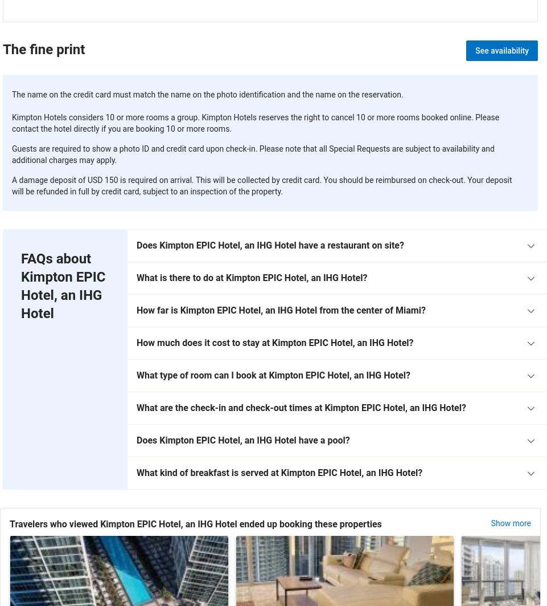 The width and height of the screenshot is (547, 606). What do you see at coordinates (62, 286) in the screenshot?
I see `'FAQs about Kimpton EPIC Hotel, an IHG Hotel'` at bounding box center [62, 286].